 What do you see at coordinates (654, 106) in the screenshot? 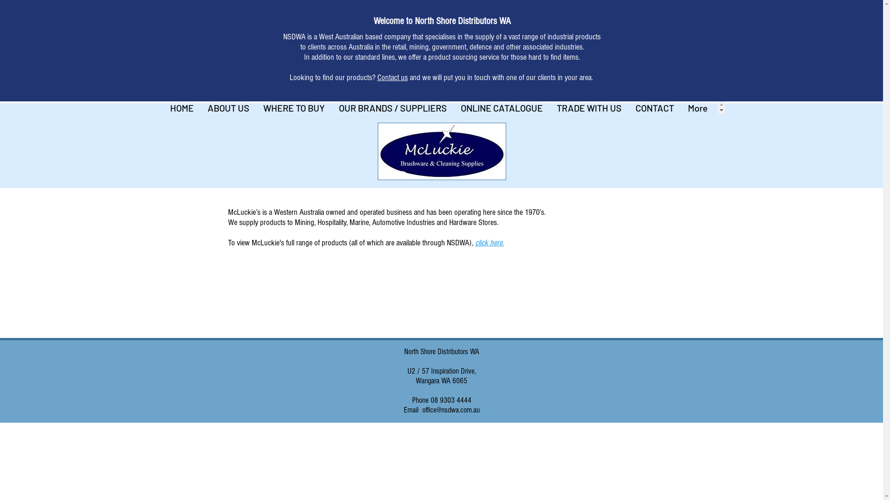
I see `'CONTACT'` at bounding box center [654, 106].